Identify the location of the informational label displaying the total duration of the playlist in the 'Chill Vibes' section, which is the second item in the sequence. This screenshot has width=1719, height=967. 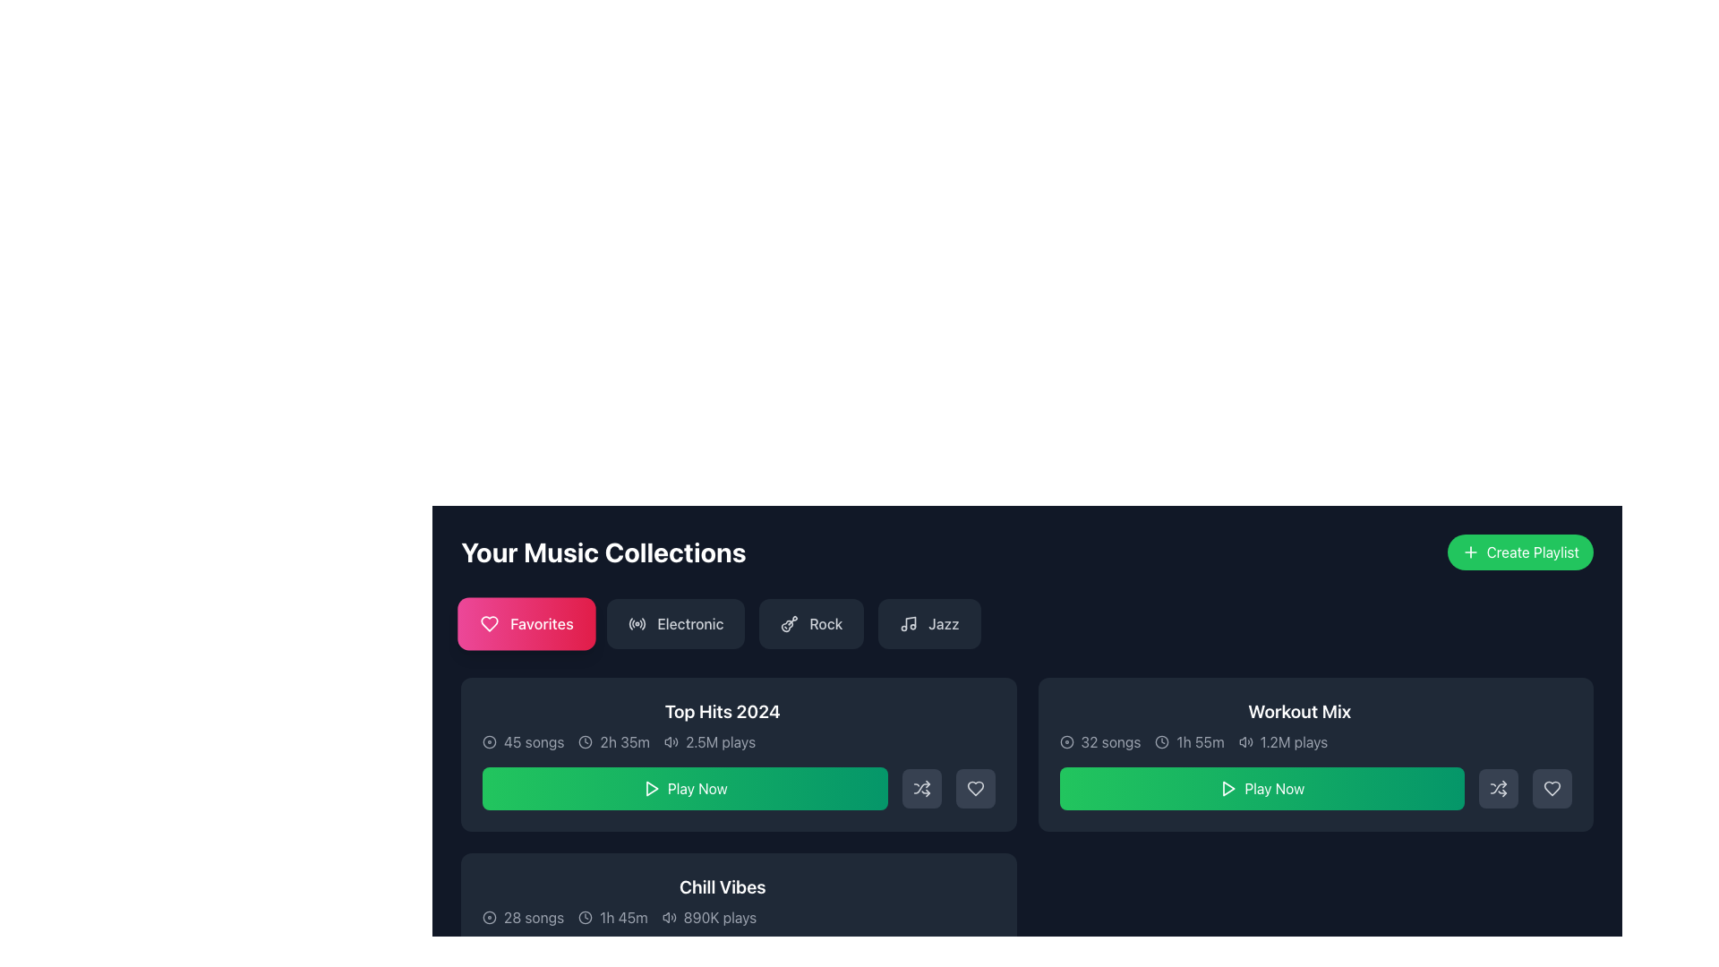
(613, 918).